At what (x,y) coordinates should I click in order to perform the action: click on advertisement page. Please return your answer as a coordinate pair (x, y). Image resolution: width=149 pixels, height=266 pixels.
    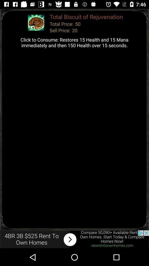
    Looking at the image, I should click on (74, 239).